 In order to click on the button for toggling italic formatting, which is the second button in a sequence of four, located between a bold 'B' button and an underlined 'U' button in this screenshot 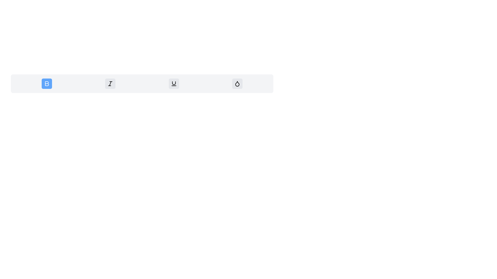, I will do `click(110, 83)`.